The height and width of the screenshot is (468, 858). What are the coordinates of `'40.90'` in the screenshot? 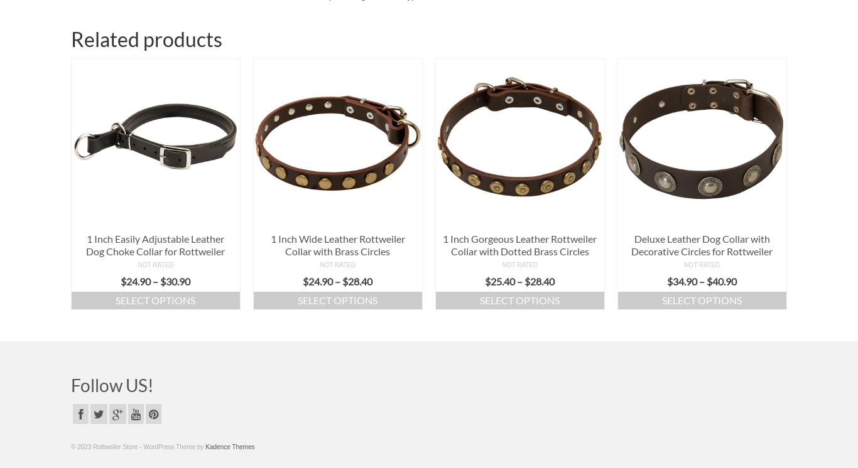 It's located at (712, 281).